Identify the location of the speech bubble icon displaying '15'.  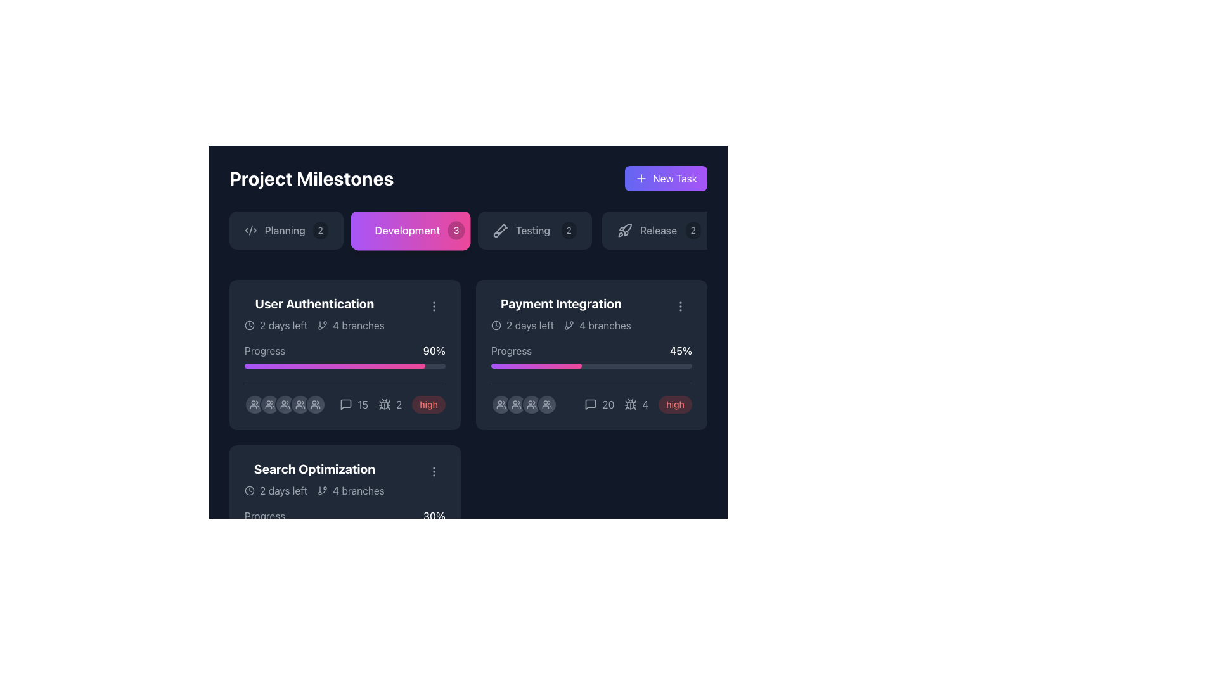
(345, 399).